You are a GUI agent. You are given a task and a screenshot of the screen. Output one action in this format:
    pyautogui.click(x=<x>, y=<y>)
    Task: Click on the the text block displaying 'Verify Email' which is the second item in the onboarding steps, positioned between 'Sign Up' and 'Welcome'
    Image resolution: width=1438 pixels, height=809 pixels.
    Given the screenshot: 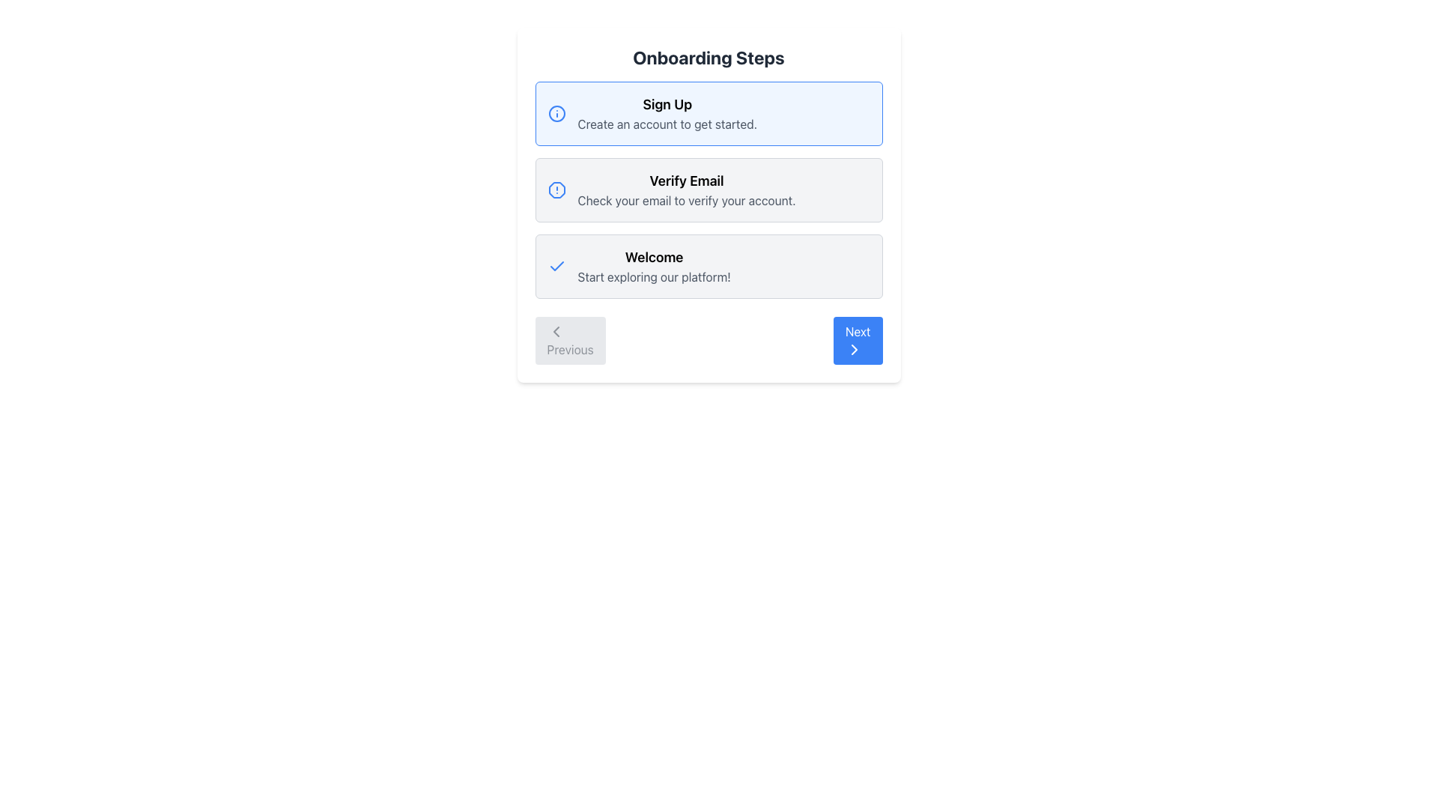 What is the action you would take?
    pyautogui.click(x=685, y=190)
    